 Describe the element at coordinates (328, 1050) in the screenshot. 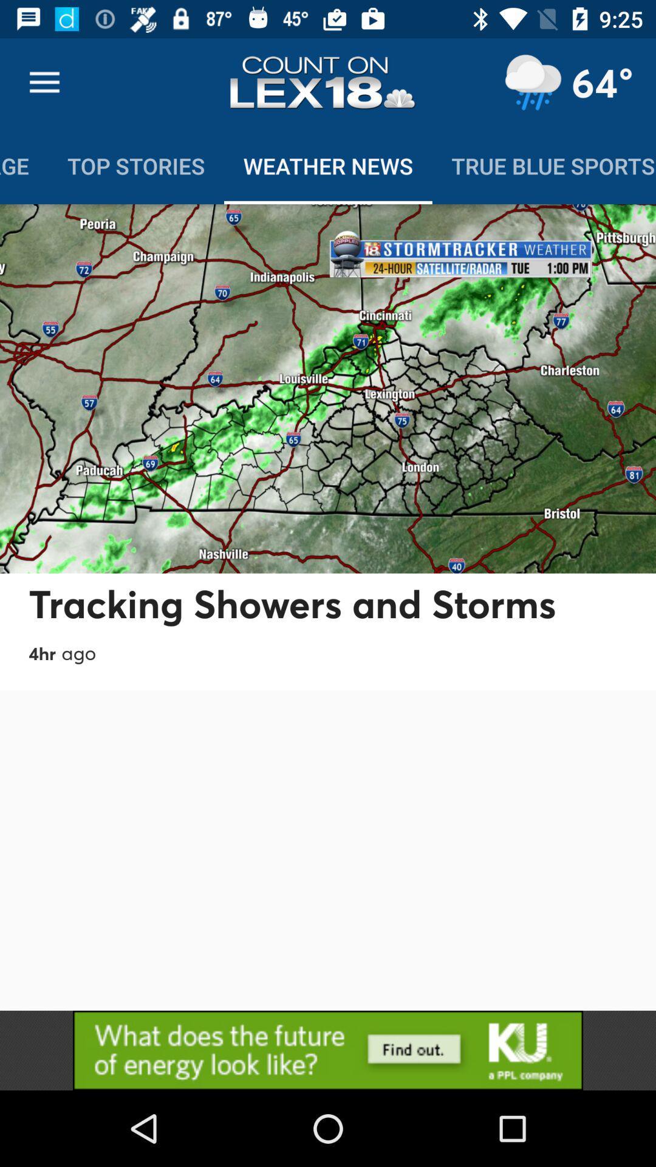

I see `advertisement 's website` at that location.